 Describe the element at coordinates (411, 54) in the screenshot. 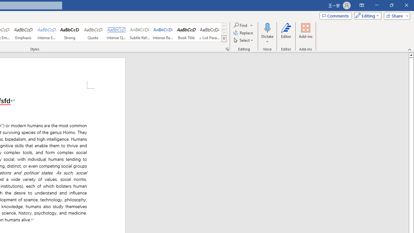

I see `'Line up'` at that location.